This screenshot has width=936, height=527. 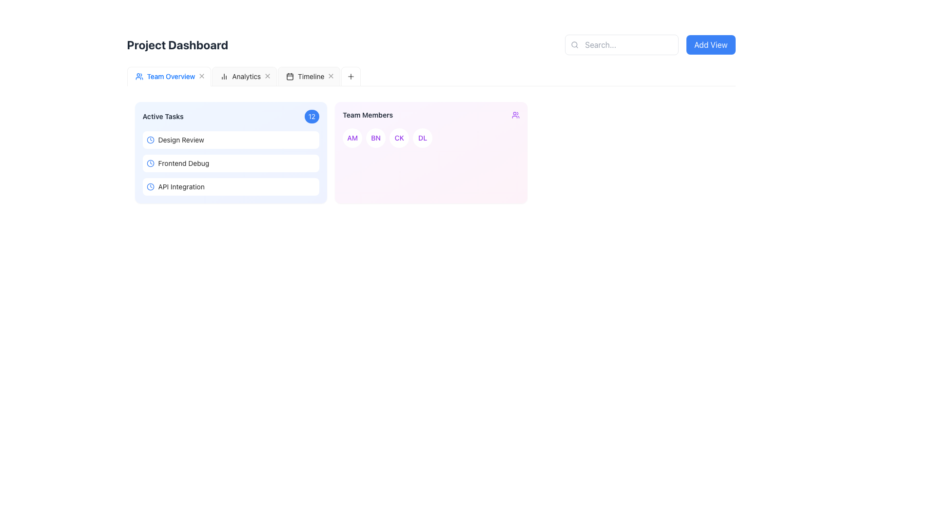 I want to click on the 'Add View' button, so click(x=711, y=45).